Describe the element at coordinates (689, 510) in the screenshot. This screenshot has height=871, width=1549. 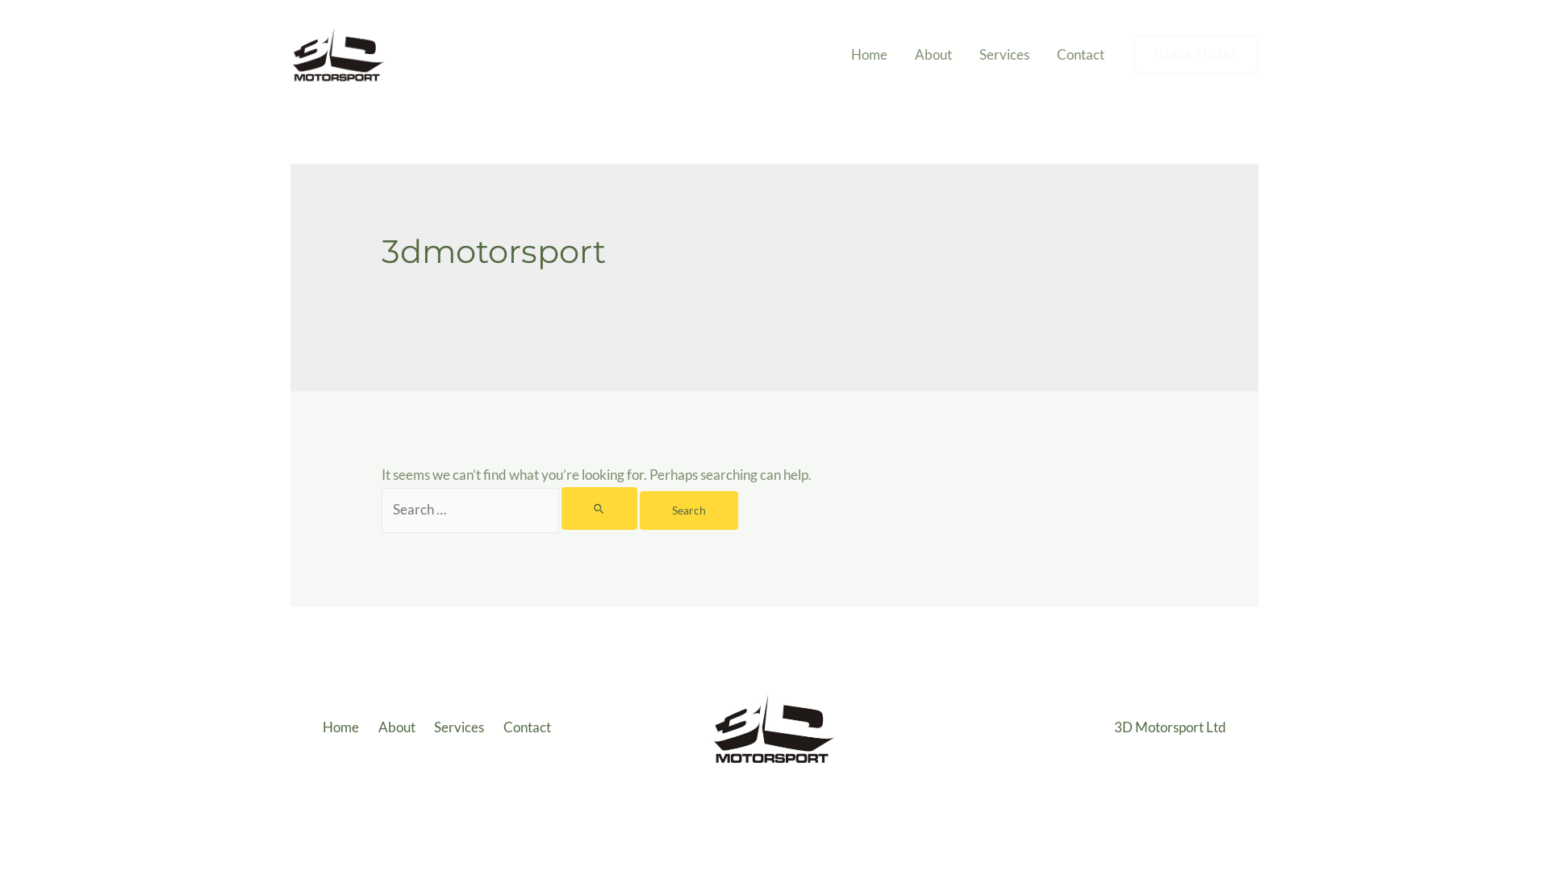
I see `'Search'` at that location.